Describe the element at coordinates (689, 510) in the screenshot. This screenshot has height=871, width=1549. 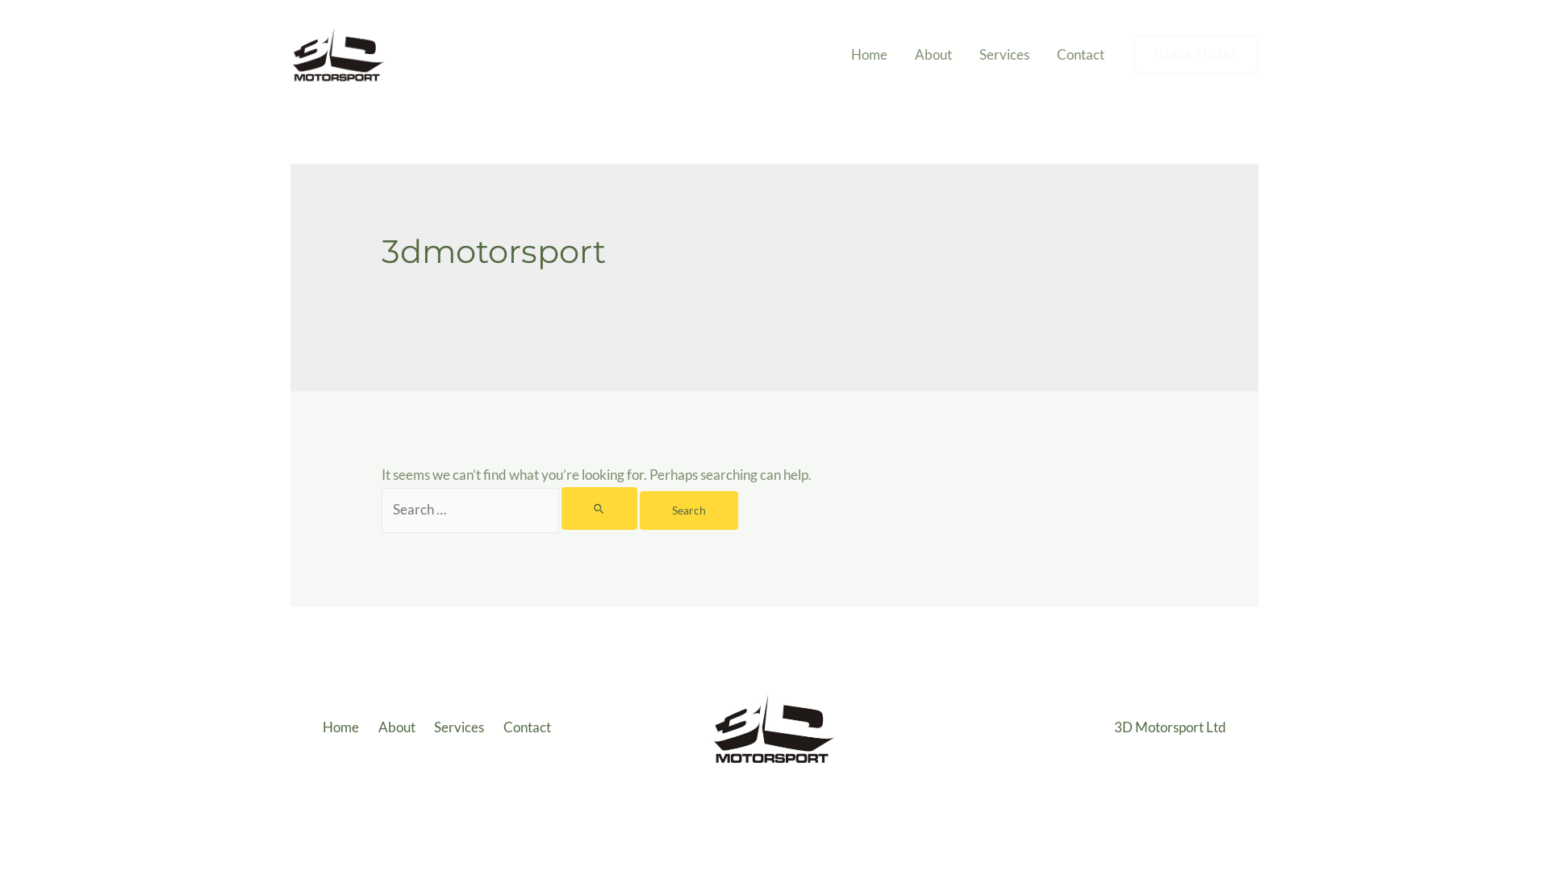
I see `'Search'` at that location.